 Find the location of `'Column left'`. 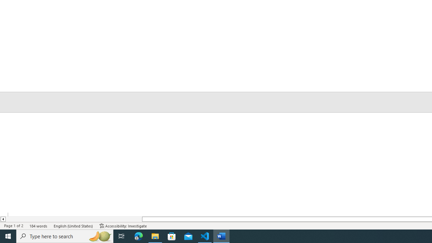

'Column left' is located at coordinates (3, 219).